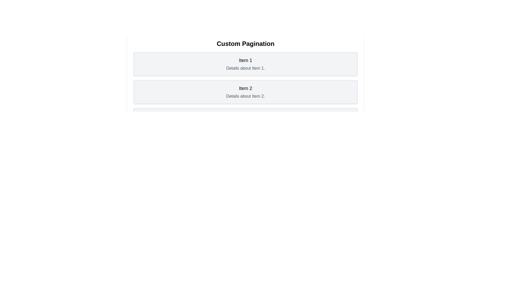 The height and width of the screenshot is (285, 507). What do you see at coordinates (245, 43) in the screenshot?
I see `the large, bold, black text label reading 'Custom Pagination' displayed prominently at the top of the section` at bounding box center [245, 43].